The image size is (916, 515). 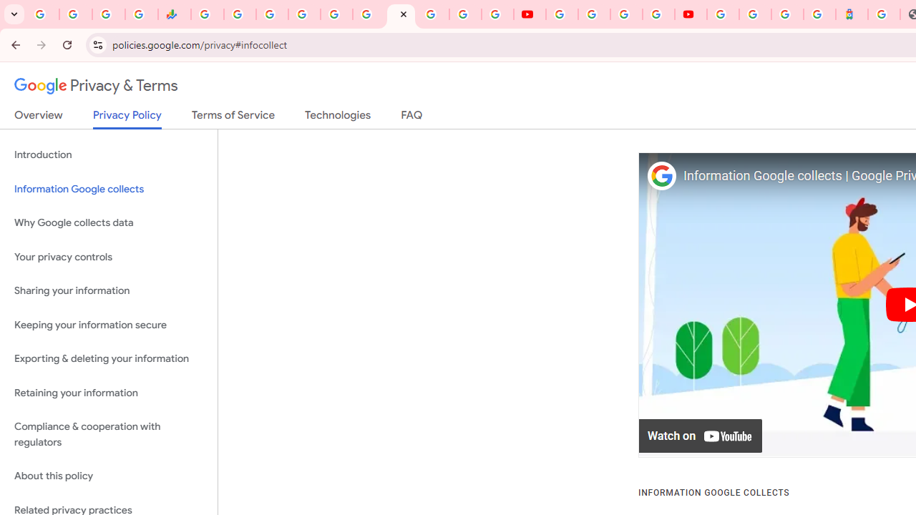 I want to click on 'Photo image of Google', so click(x=661, y=175).